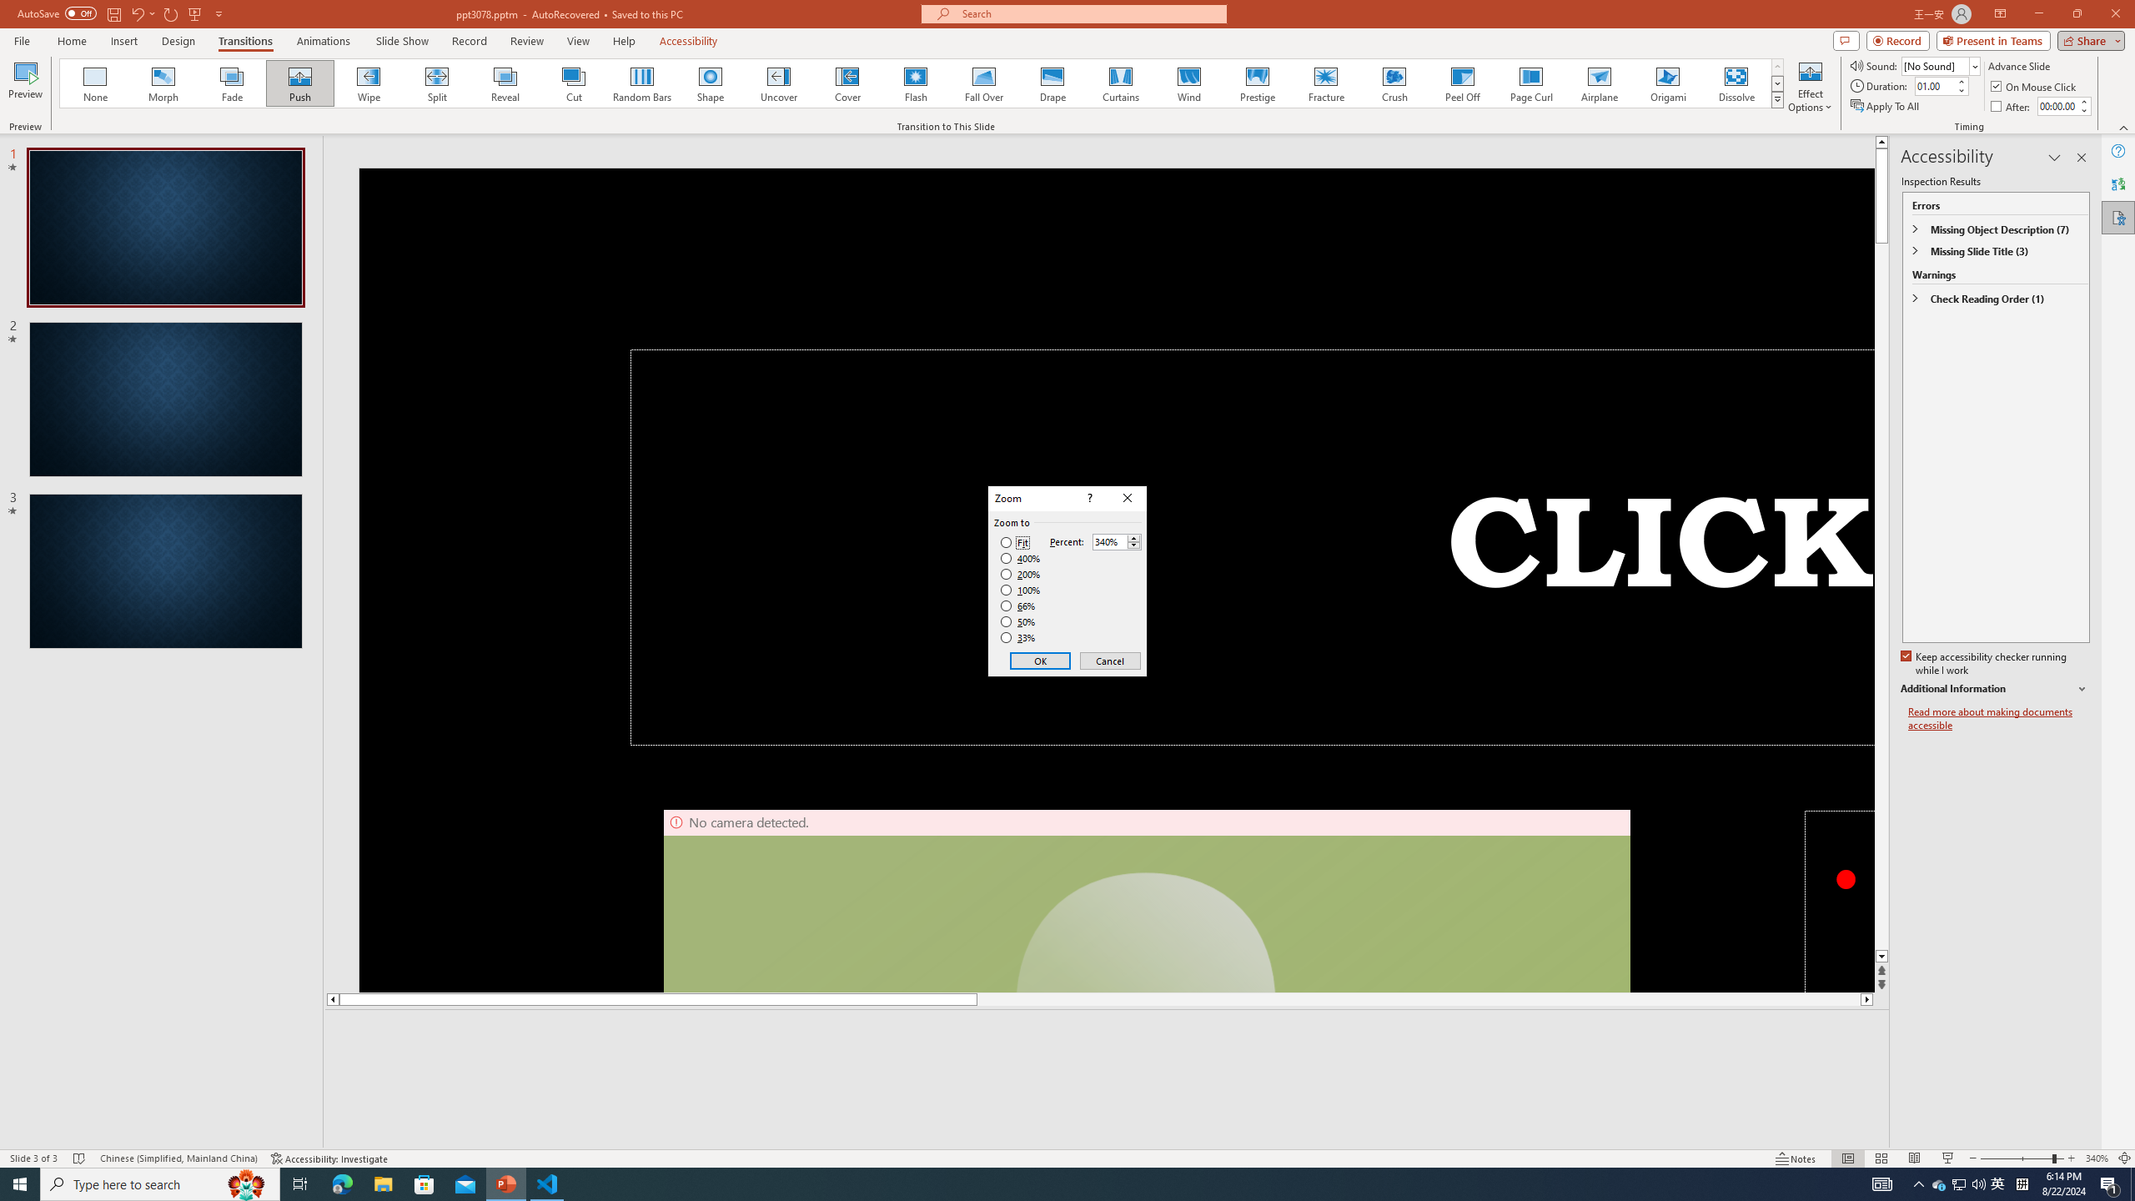  Describe the element at coordinates (1040, 661) in the screenshot. I see `'OK'` at that location.